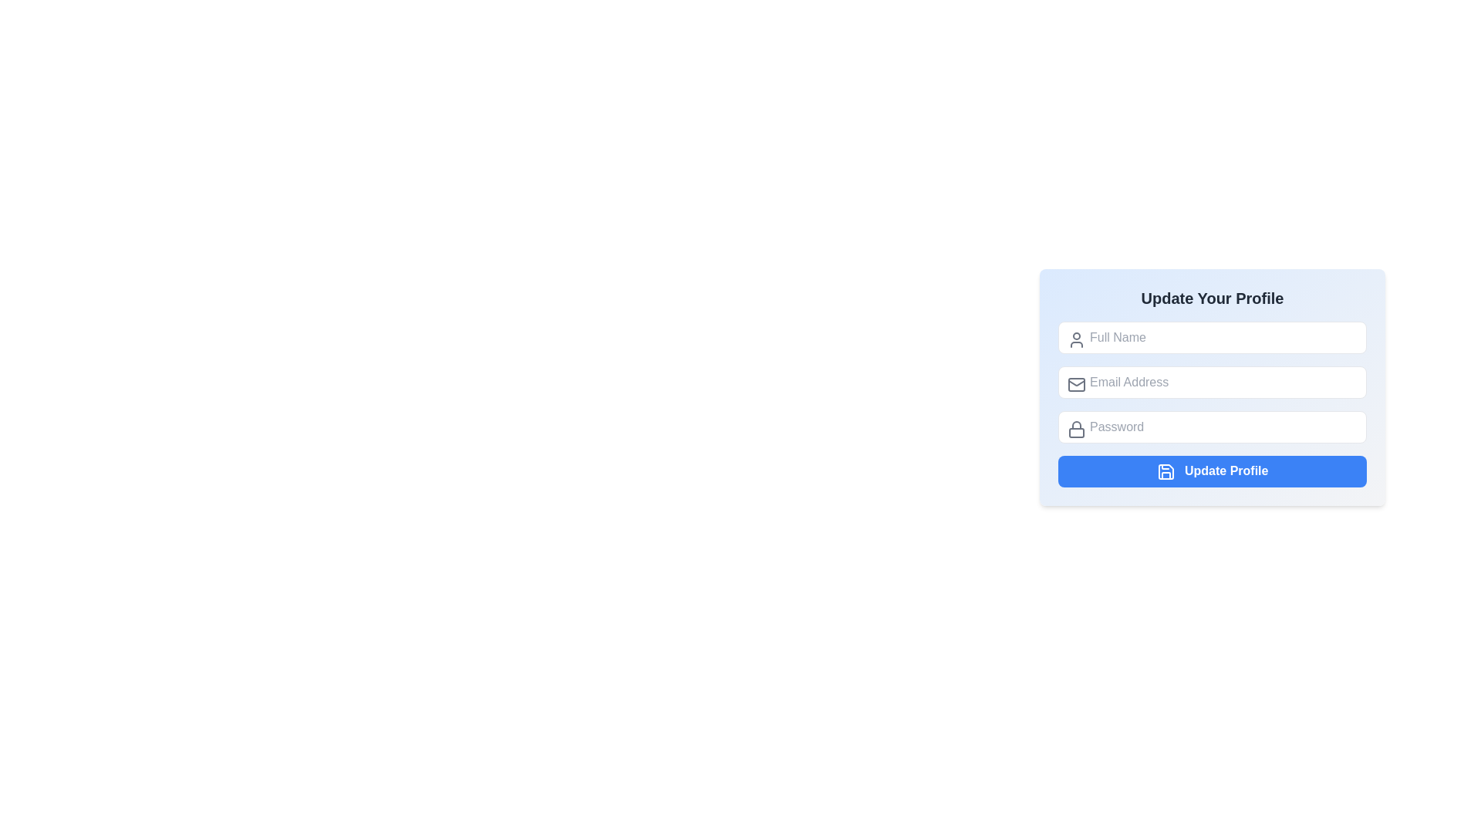  Describe the element at coordinates (1076, 433) in the screenshot. I see `the grayish rounded rectangle that forms the body of the lock icon, positioned beneath the shackle in the password input box` at that location.